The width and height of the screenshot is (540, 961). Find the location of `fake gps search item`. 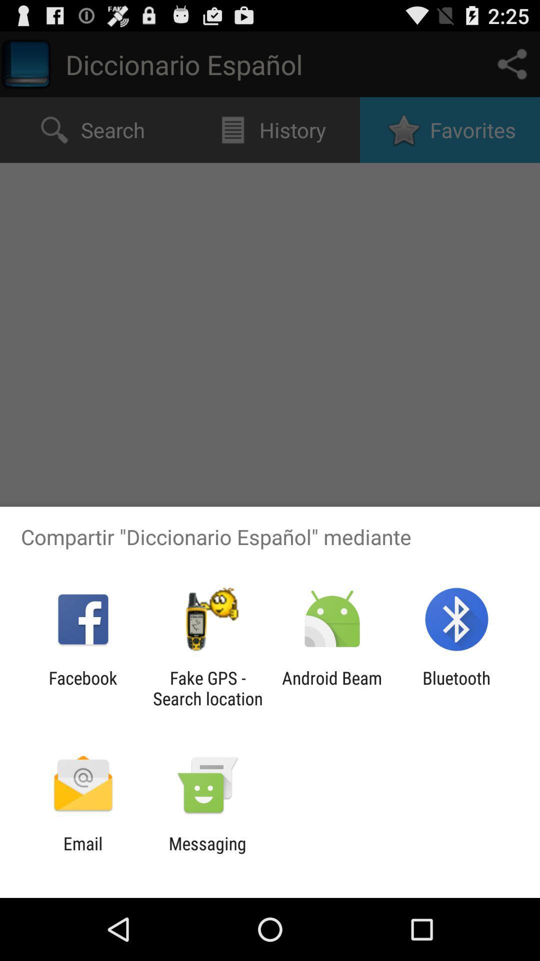

fake gps search item is located at coordinates (207, 688).